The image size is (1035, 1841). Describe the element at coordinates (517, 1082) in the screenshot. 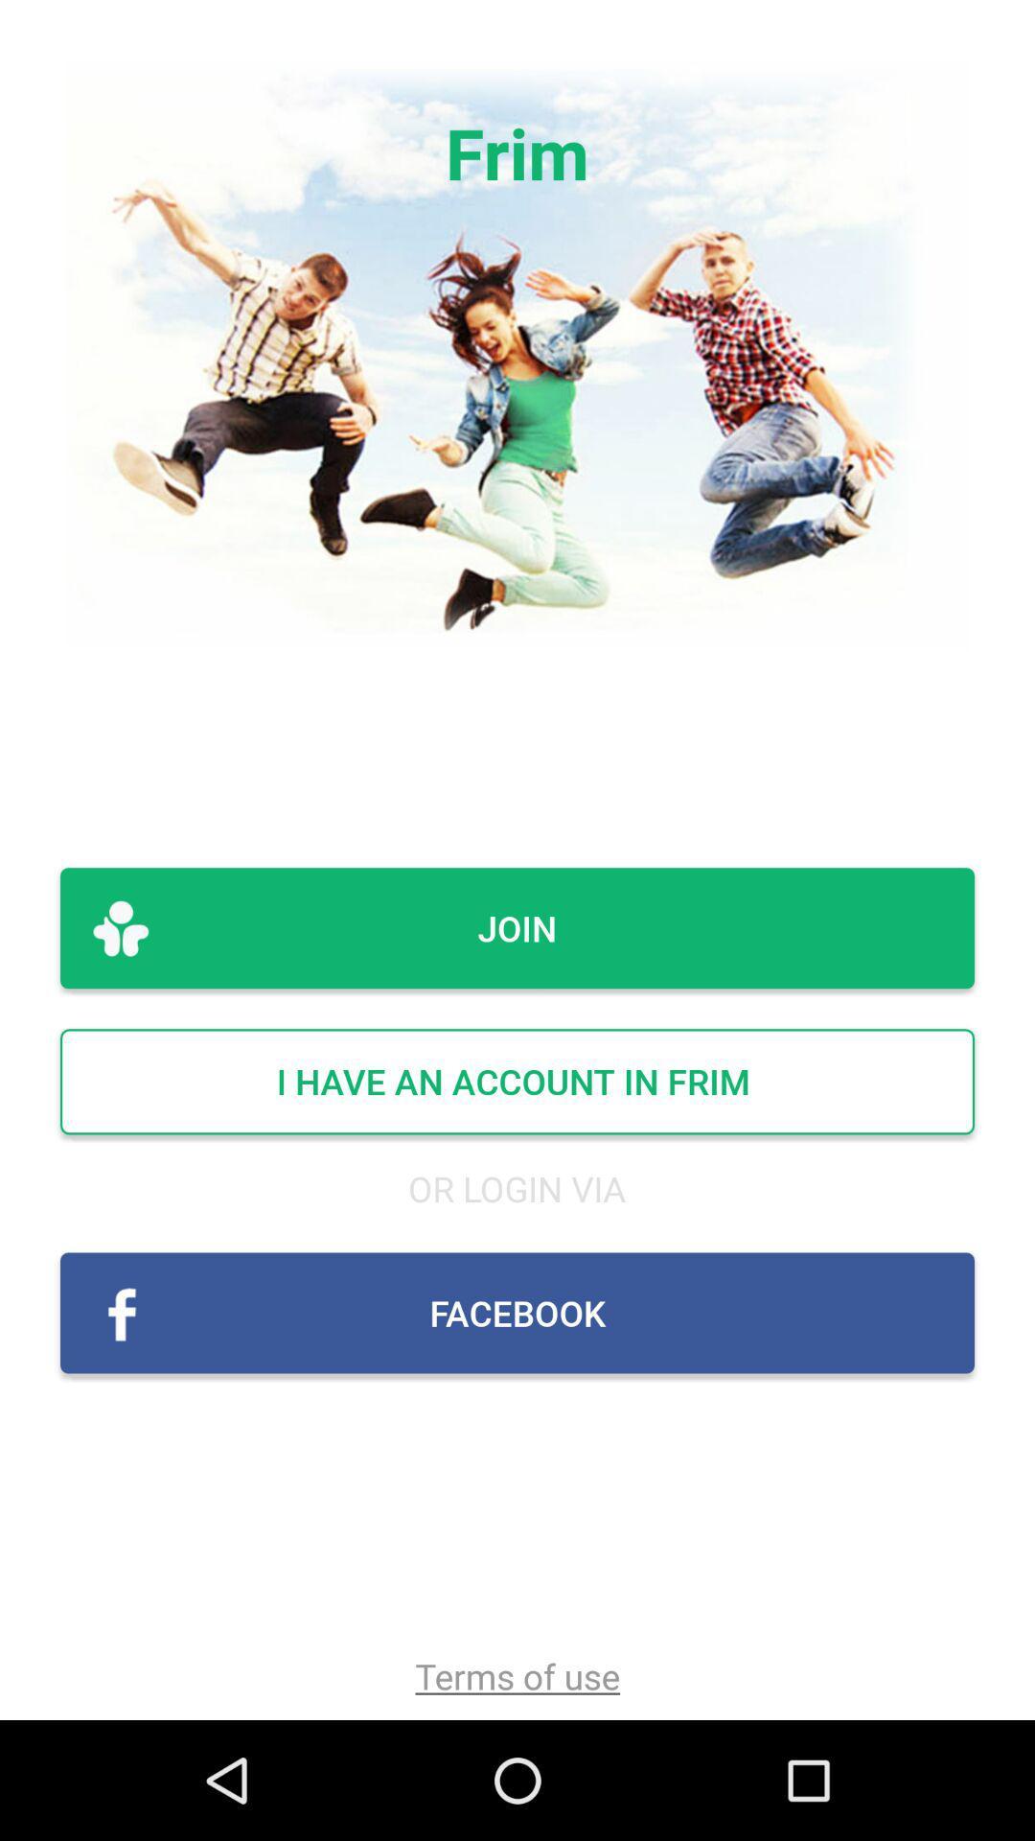

I see `item above or login via item` at that location.